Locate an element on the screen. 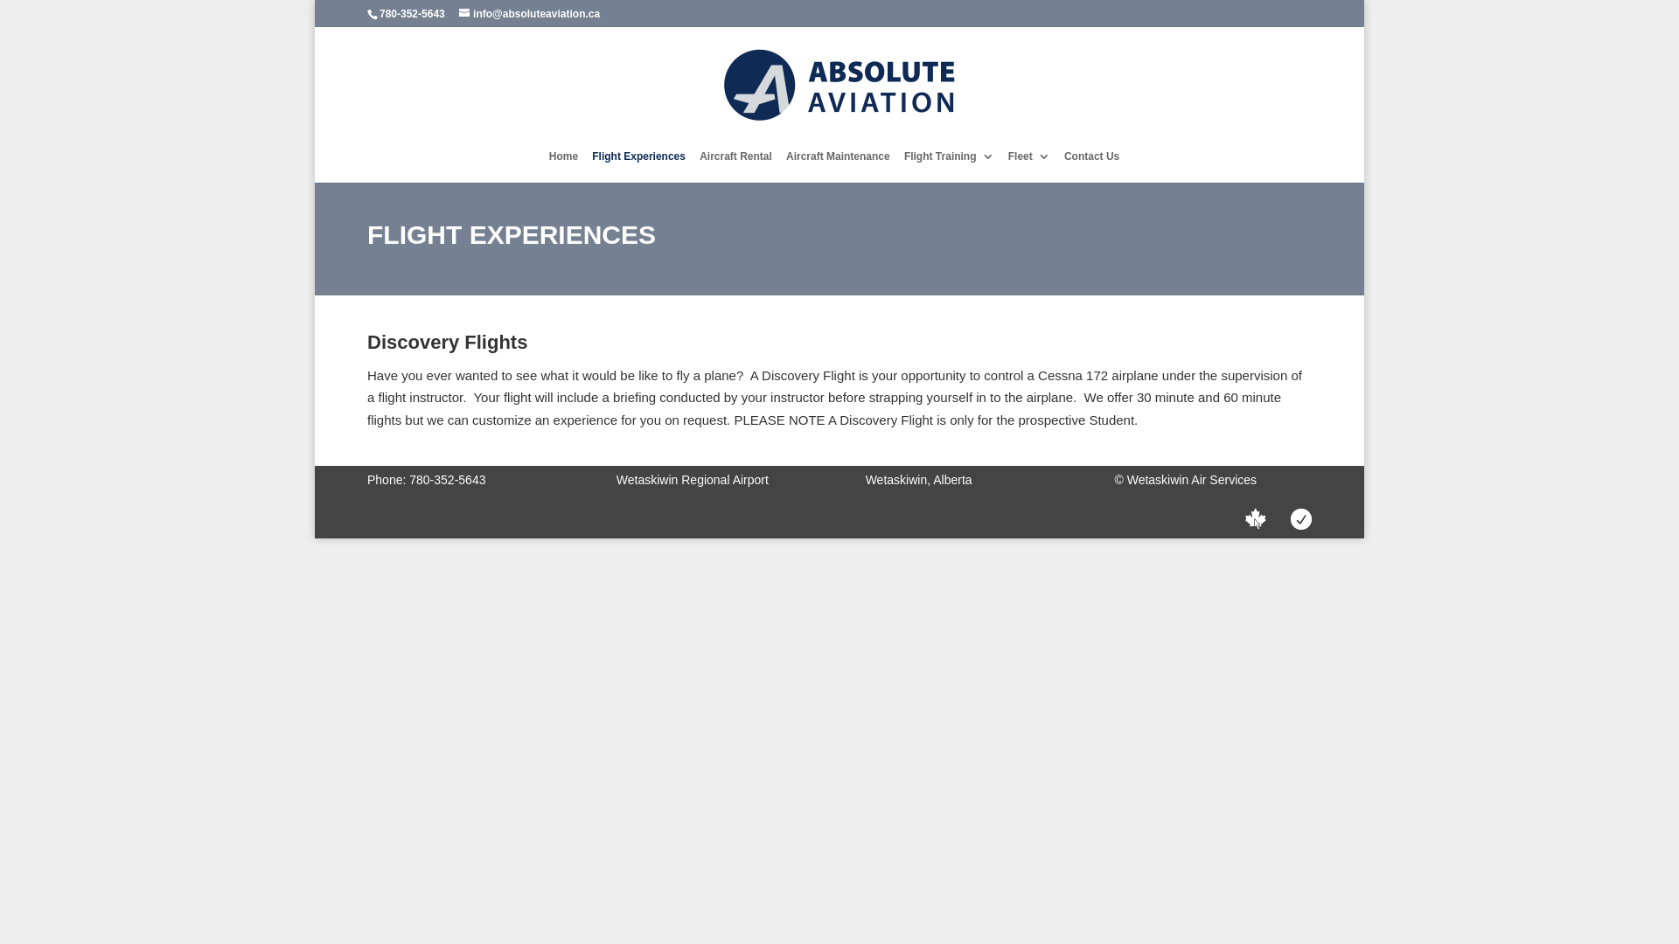  'Aircraft Rental' is located at coordinates (735, 167).